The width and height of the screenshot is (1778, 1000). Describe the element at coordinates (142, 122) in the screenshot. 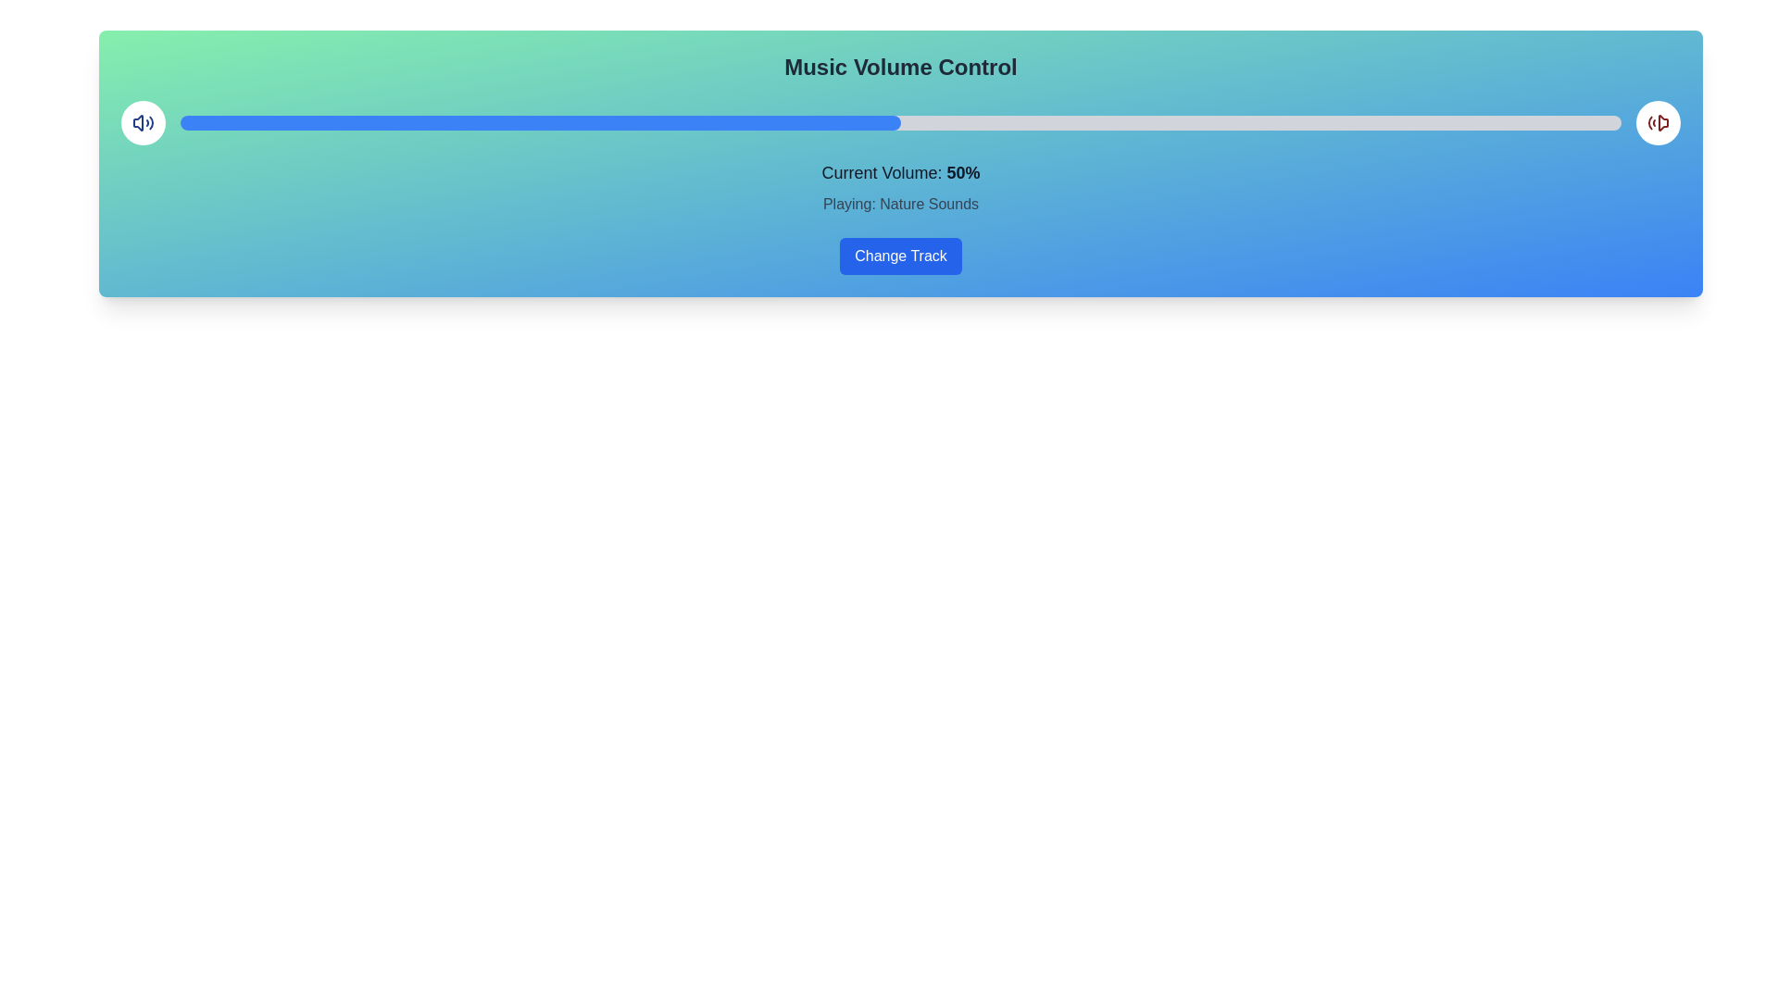

I see `the round white button with a blue speaker icon located in the top-left corner to adjust the sound level` at that location.